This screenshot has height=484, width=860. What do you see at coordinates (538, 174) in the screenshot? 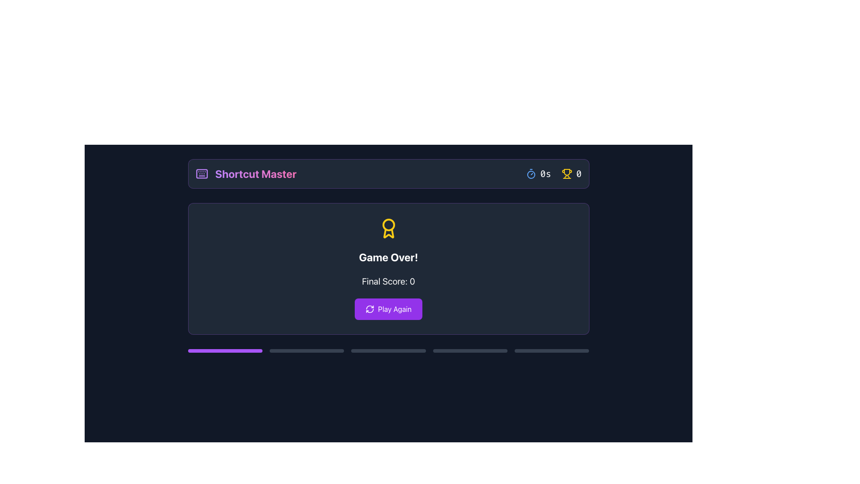
I see `displayed time from the text label showing '0s' next to the blue stopwatch icon in the header section, located to the right of 'Shortcut Master'` at bounding box center [538, 174].